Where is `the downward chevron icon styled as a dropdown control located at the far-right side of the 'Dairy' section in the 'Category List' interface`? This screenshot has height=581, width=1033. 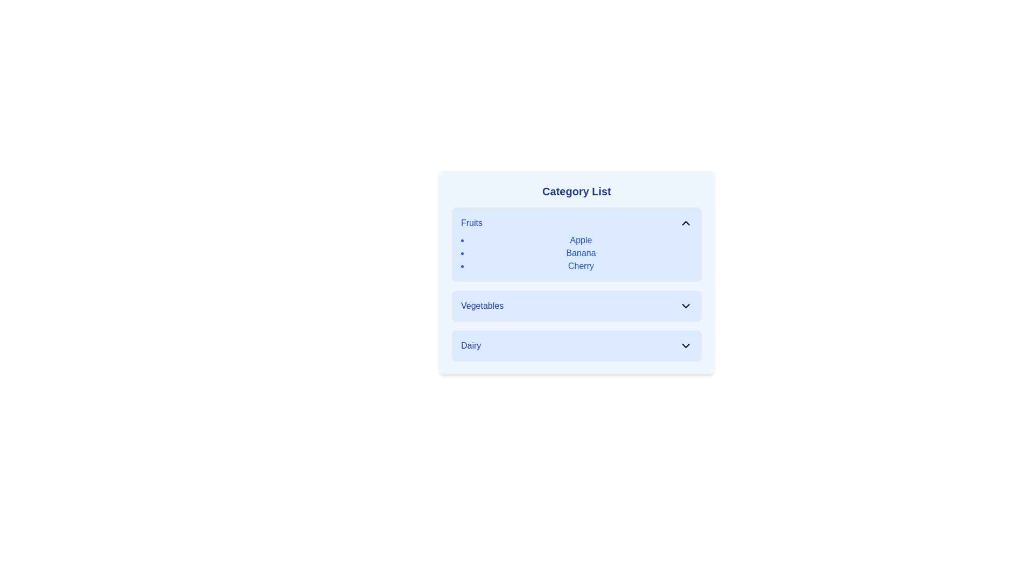
the downward chevron icon styled as a dropdown control located at the far-right side of the 'Dairy' section in the 'Category List' interface is located at coordinates (685, 346).